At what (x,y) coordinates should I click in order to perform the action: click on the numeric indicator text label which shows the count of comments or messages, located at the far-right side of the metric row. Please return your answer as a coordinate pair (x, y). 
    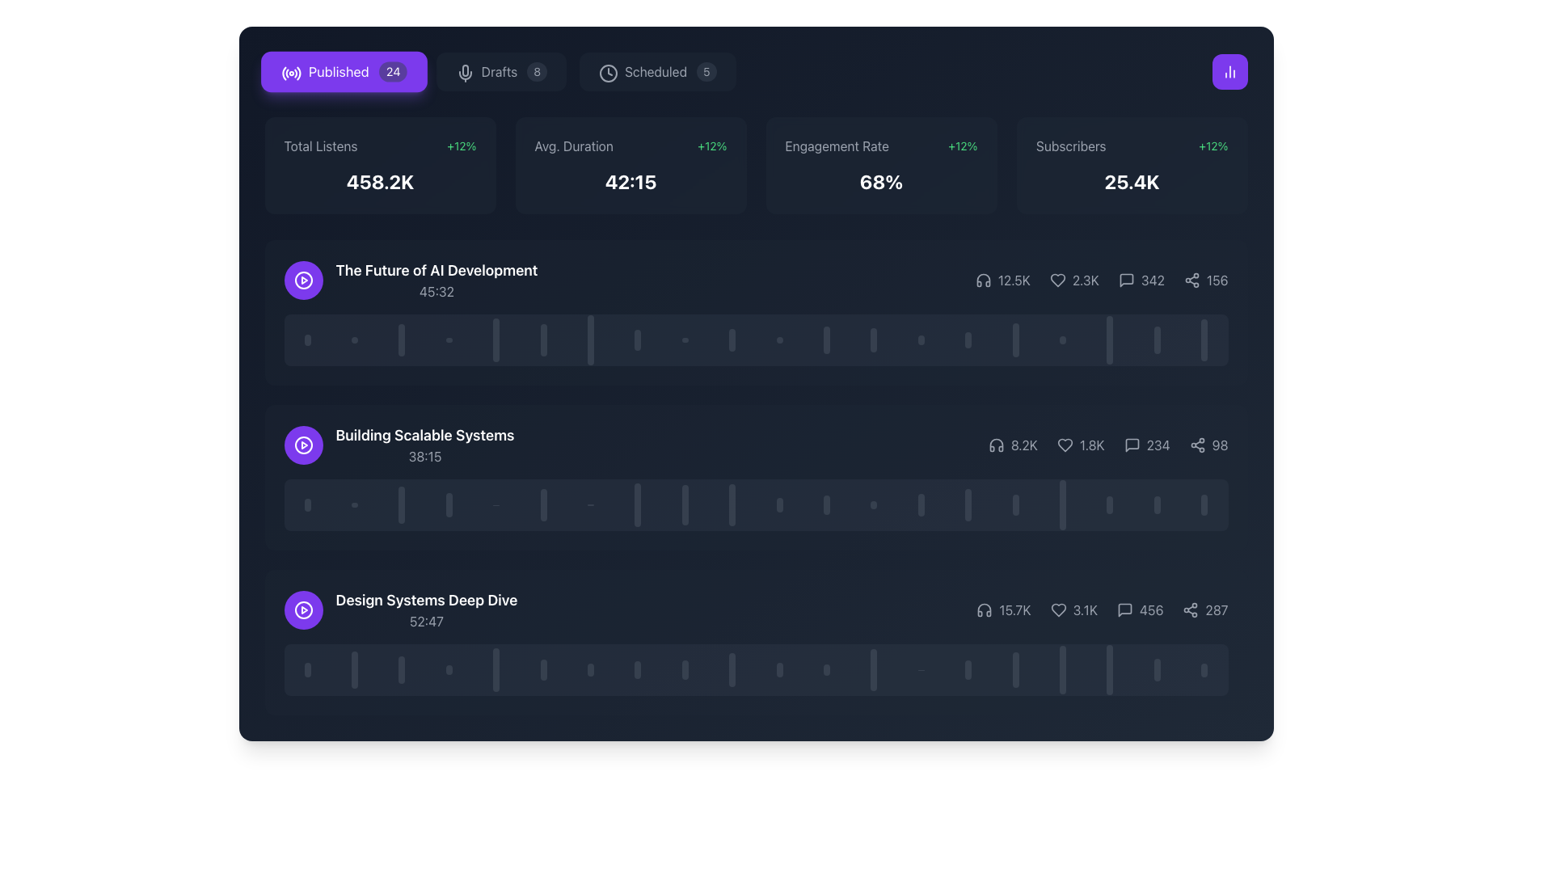
    Looking at the image, I should click on (1150, 610).